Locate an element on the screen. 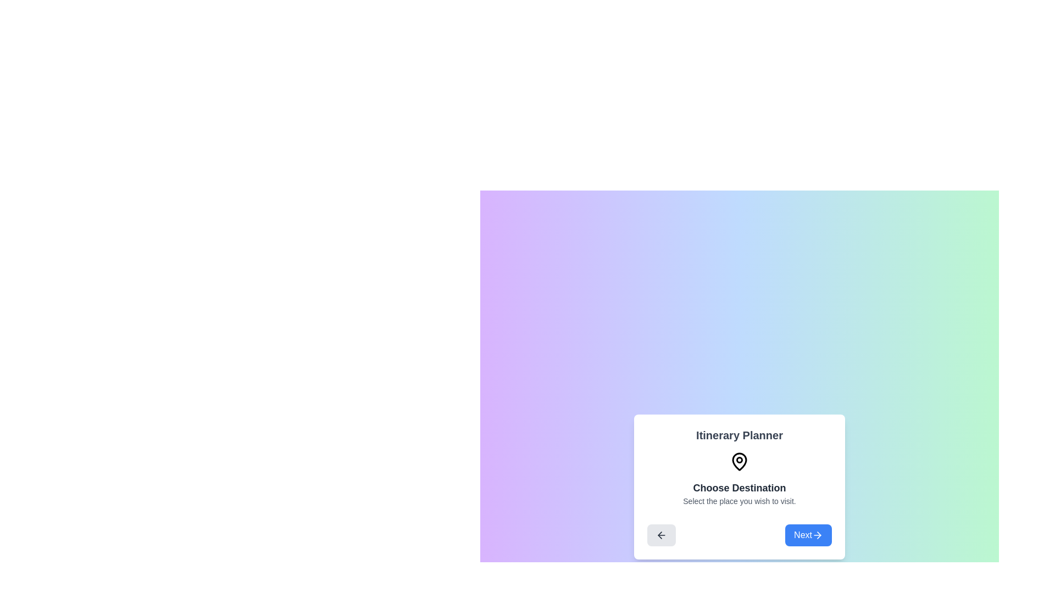 This screenshot has height=593, width=1055. the backward navigation button located in the footer area of the 'Itinerary Planner' card interface is located at coordinates (661, 535).